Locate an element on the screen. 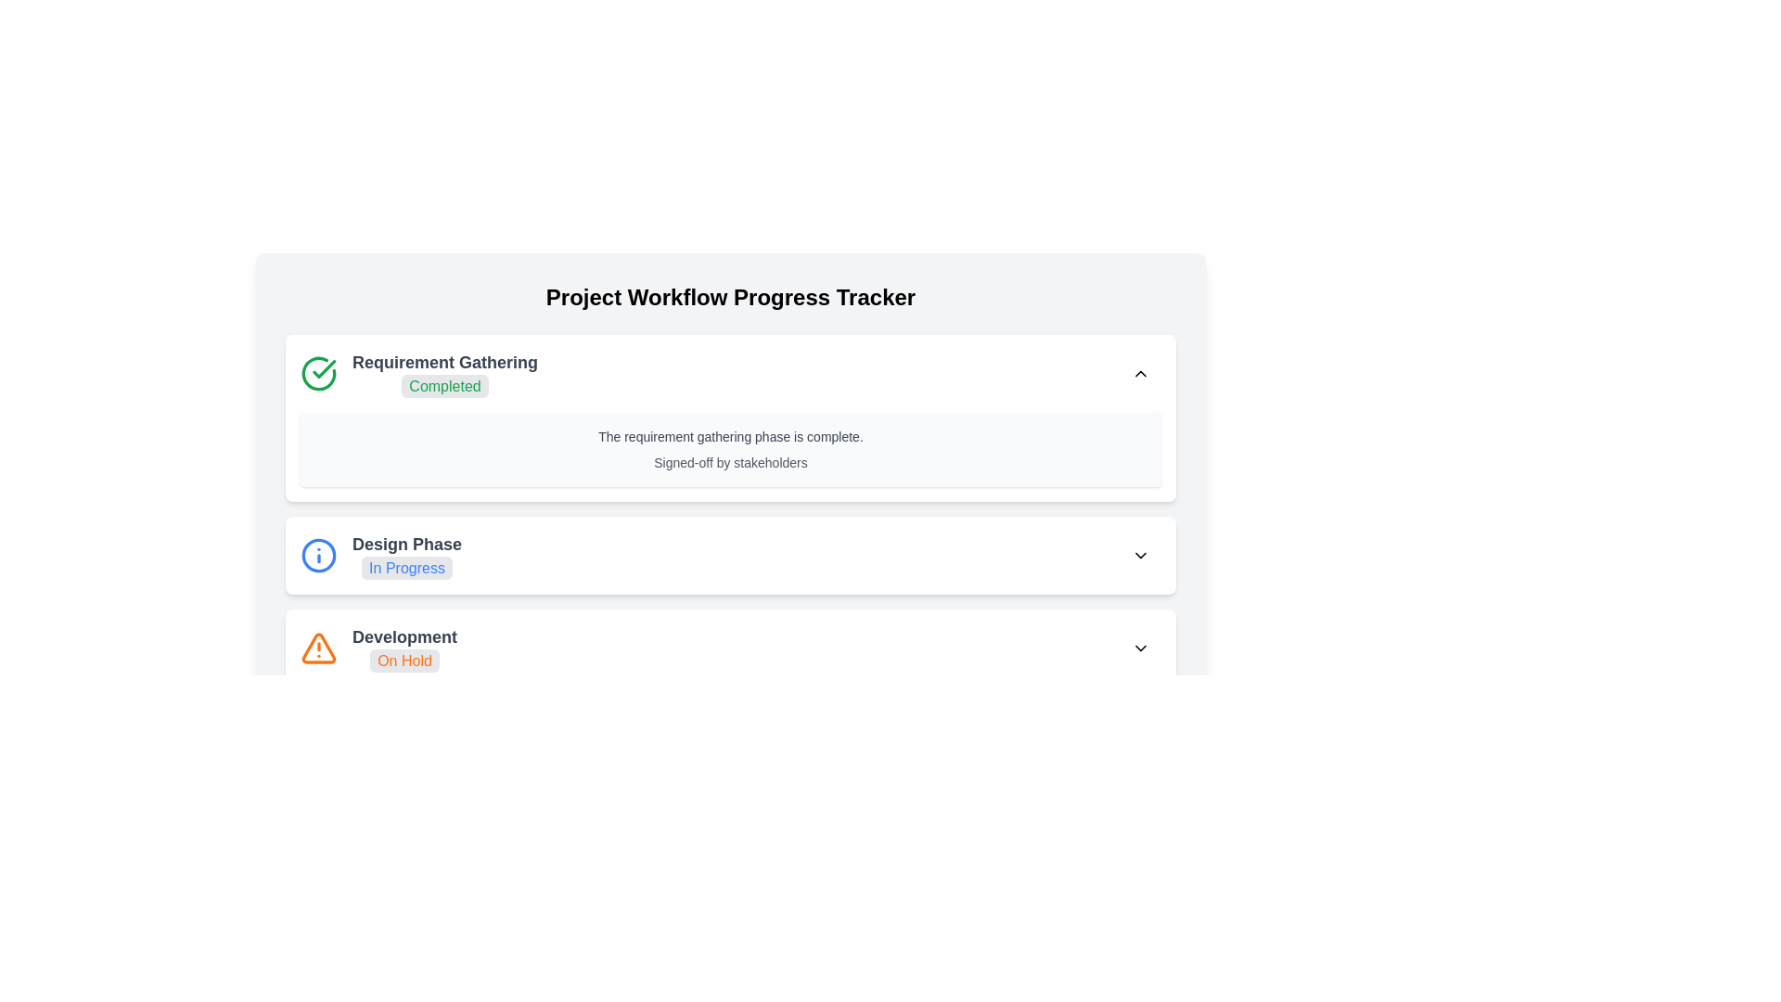 The width and height of the screenshot is (1781, 1002). status information from the 'Development' label with the status indicator, which shows 'On Hold' in an orange font on a light-gray background, located near a warning icon is located at coordinates (404, 647).